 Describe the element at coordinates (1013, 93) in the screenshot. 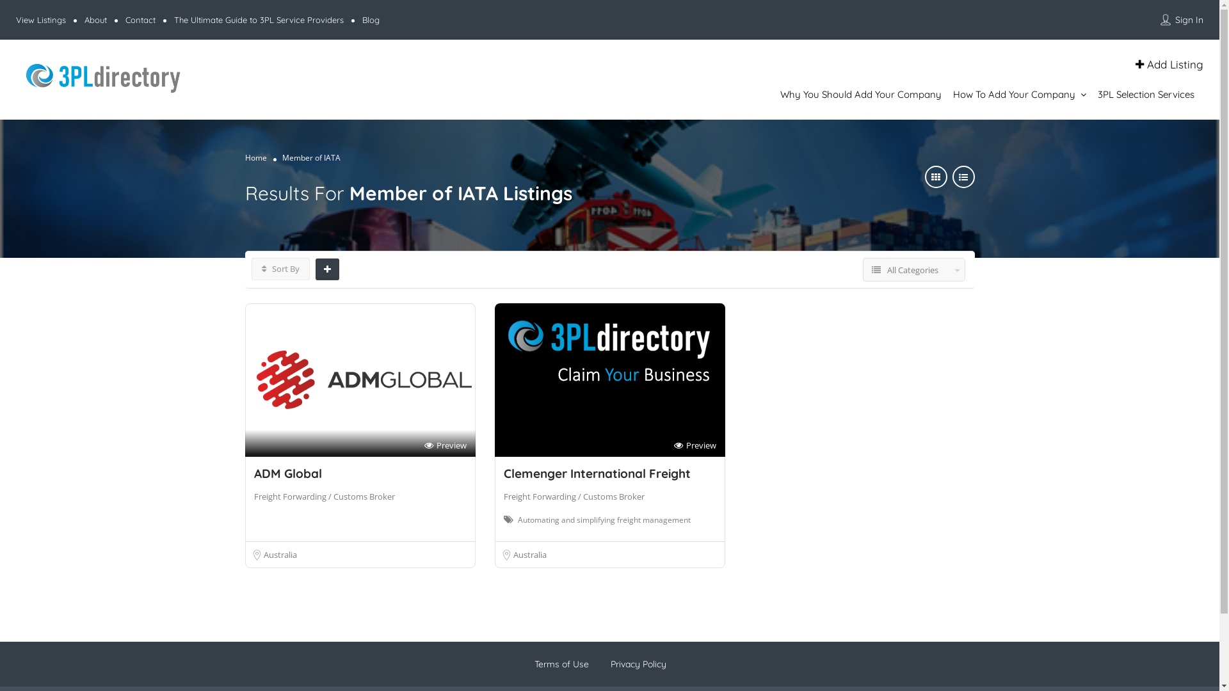

I see `'How To Add Your Company'` at that location.